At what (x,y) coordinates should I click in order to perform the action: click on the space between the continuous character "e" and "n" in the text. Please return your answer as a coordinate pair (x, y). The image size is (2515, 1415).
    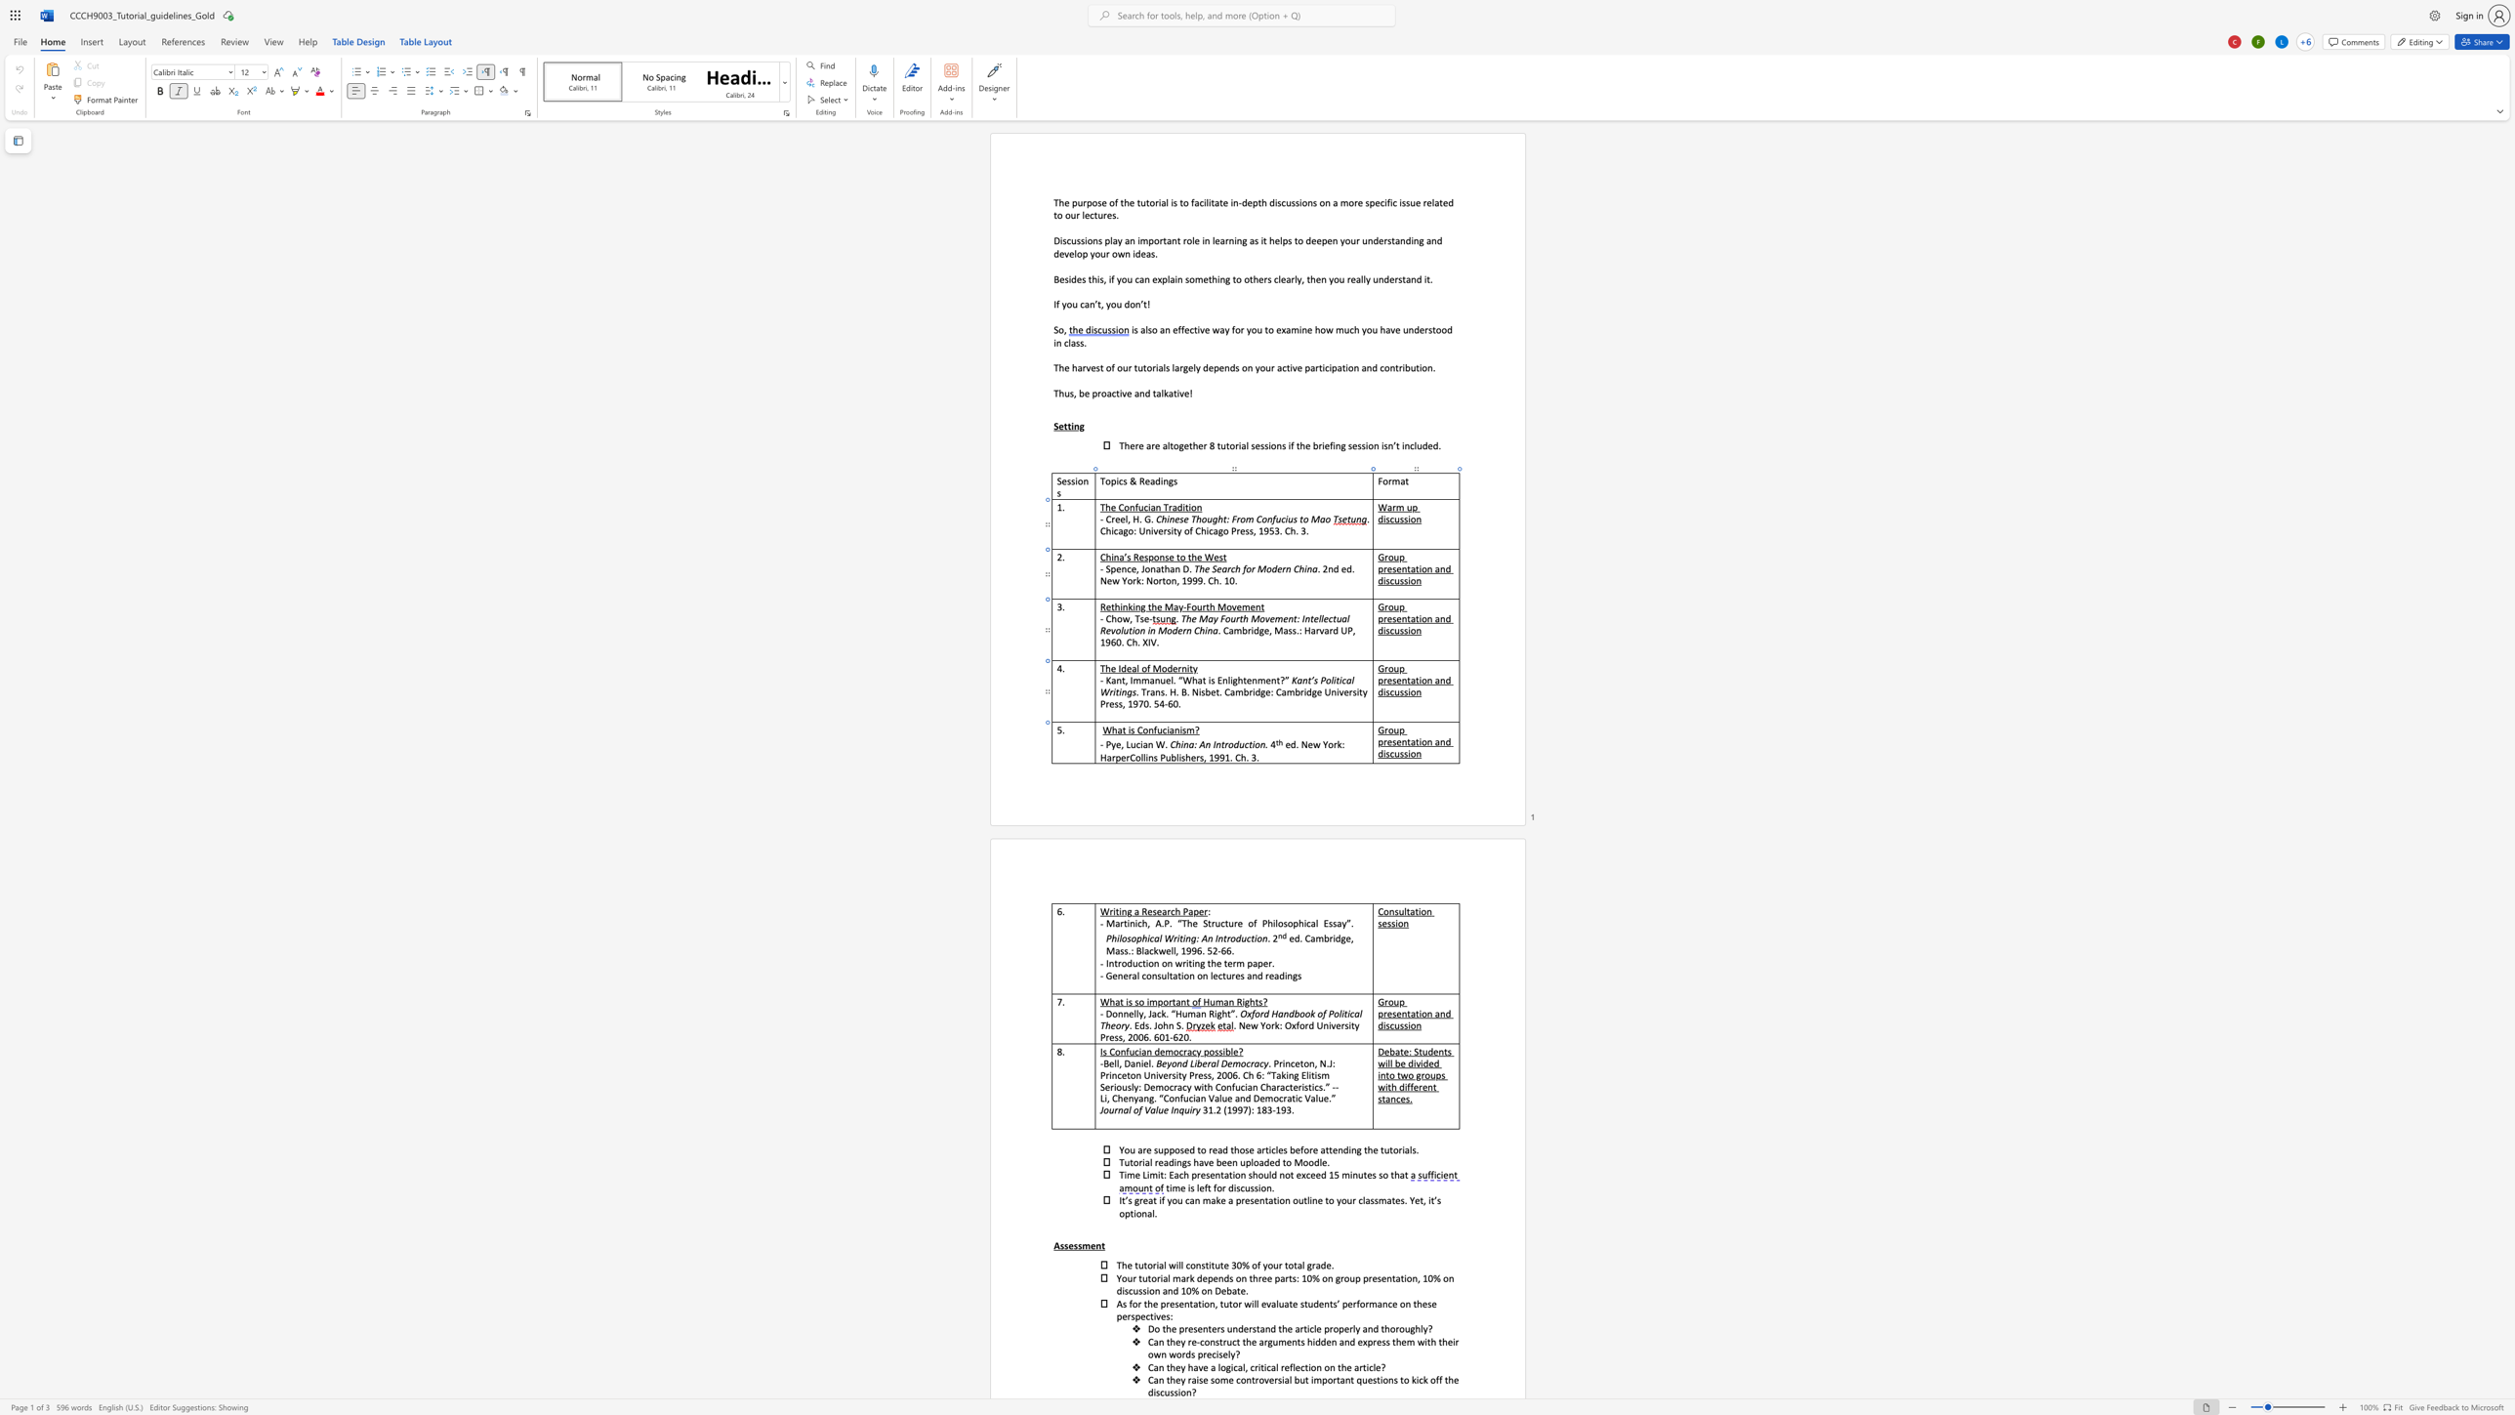
    Looking at the image, I should click on (1401, 680).